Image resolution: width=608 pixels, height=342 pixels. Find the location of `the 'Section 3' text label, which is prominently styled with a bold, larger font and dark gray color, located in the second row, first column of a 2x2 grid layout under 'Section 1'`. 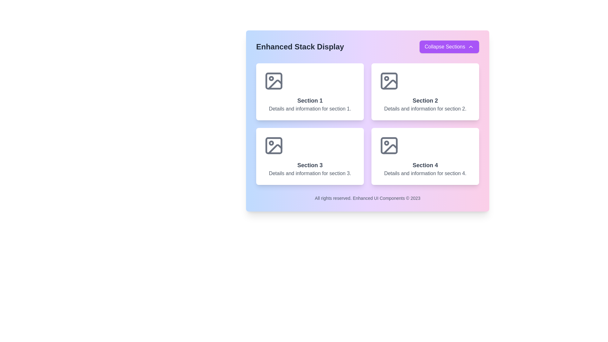

the 'Section 3' text label, which is prominently styled with a bold, larger font and dark gray color, located in the second row, first column of a 2x2 grid layout under 'Section 1' is located at coordinates (310, 165).